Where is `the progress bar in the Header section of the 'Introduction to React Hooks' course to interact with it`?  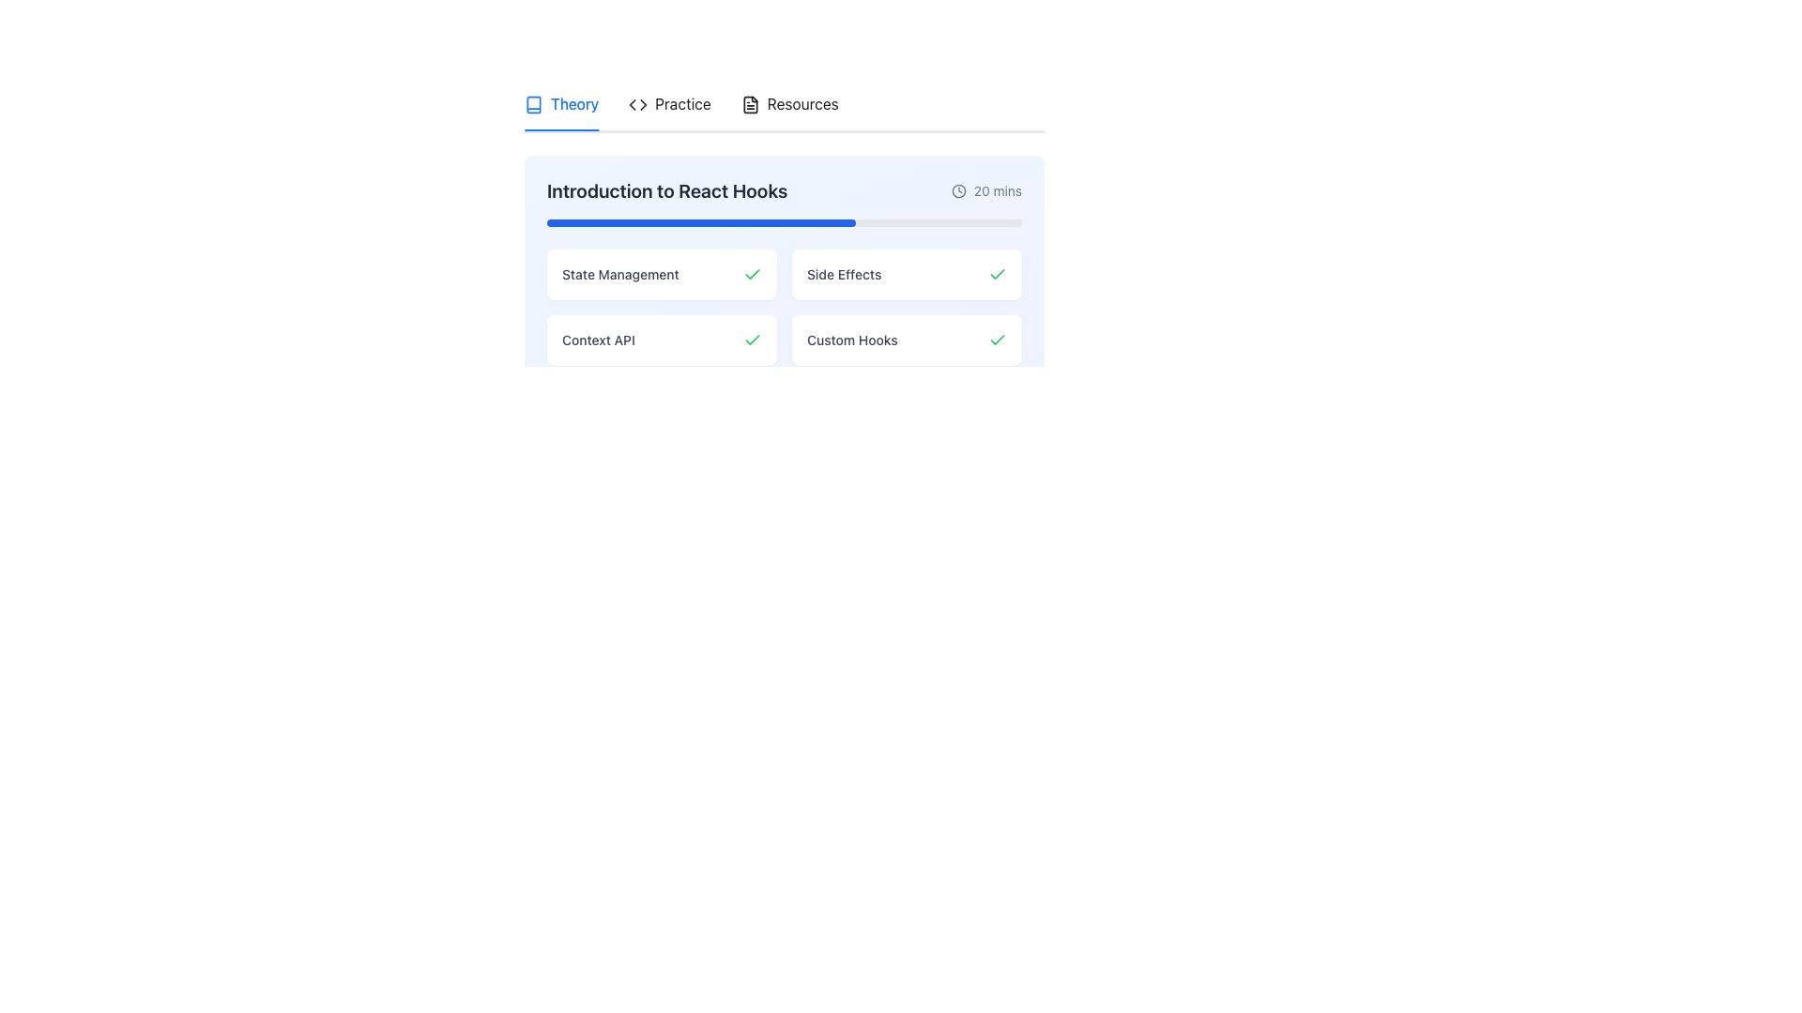
the progress bar in the Header section of the 'Introduction to React Hooks' course to interact with it is located at coordinates (784, 203).